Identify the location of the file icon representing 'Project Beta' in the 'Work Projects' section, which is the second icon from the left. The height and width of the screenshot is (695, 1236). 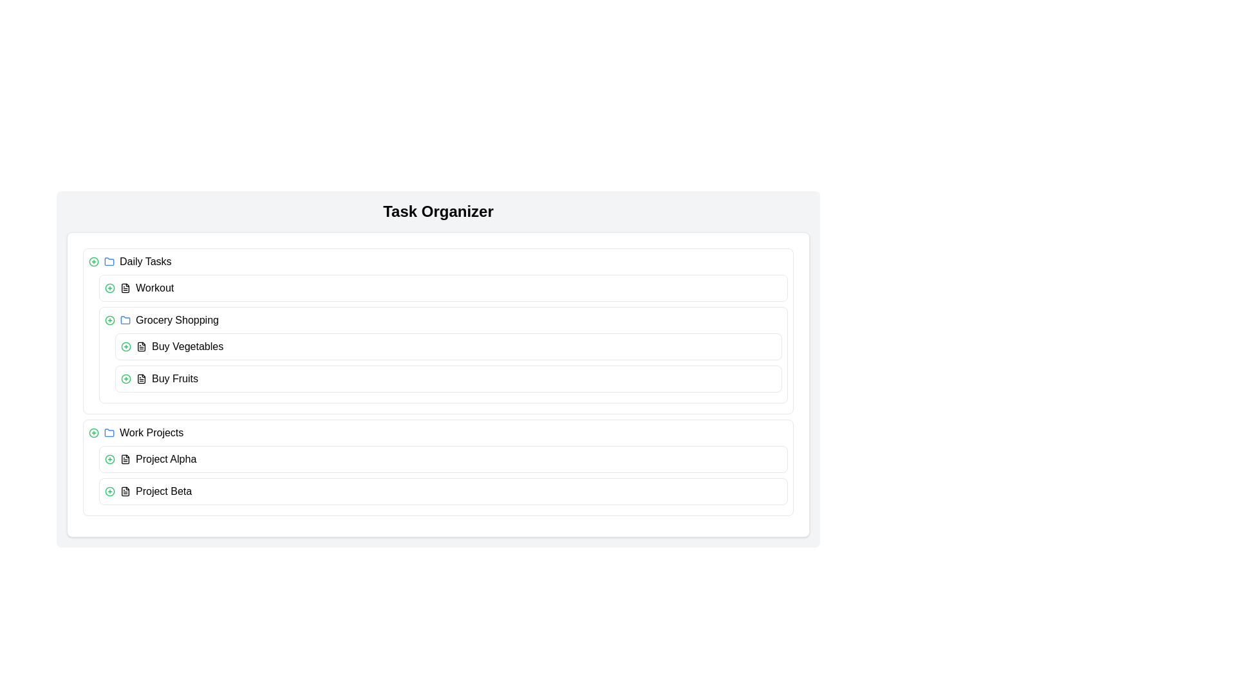
(126, 491).